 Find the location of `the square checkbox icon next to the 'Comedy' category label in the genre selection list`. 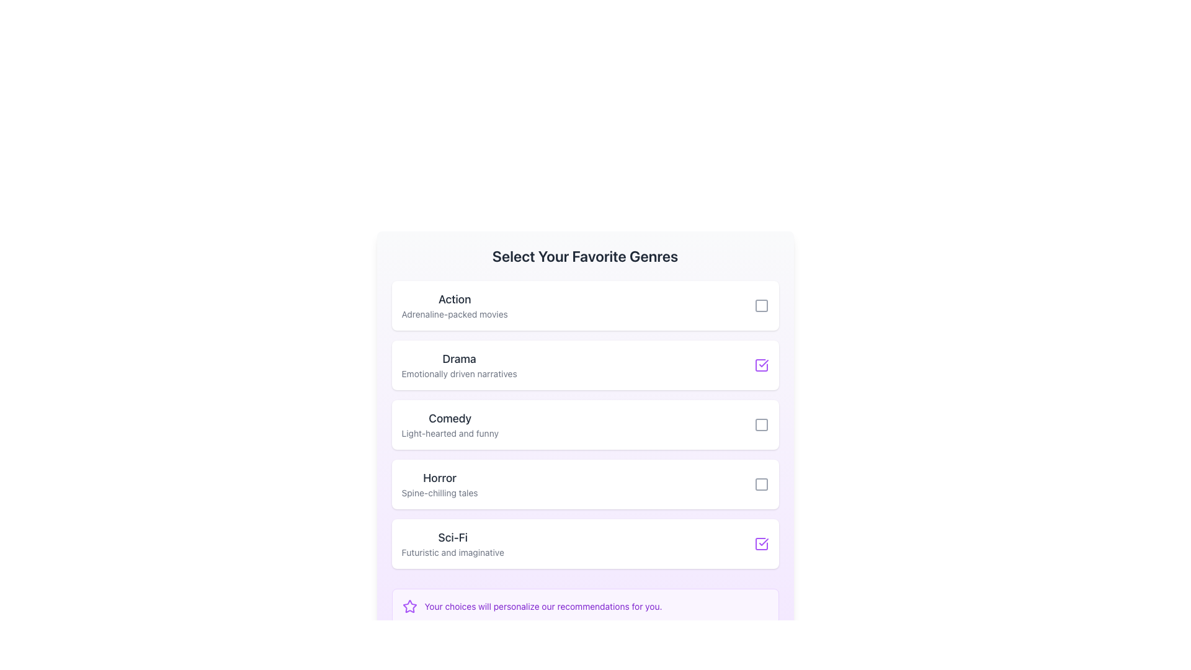

the square checkbox icon next to the 'Comedy' category label in the genre selection list is located at coordinates (761, 424).